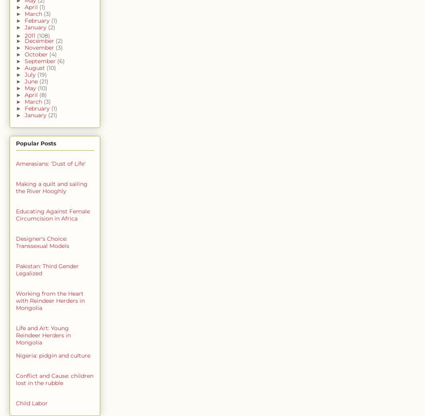  I want to click on '(8)', so click(42, 95).